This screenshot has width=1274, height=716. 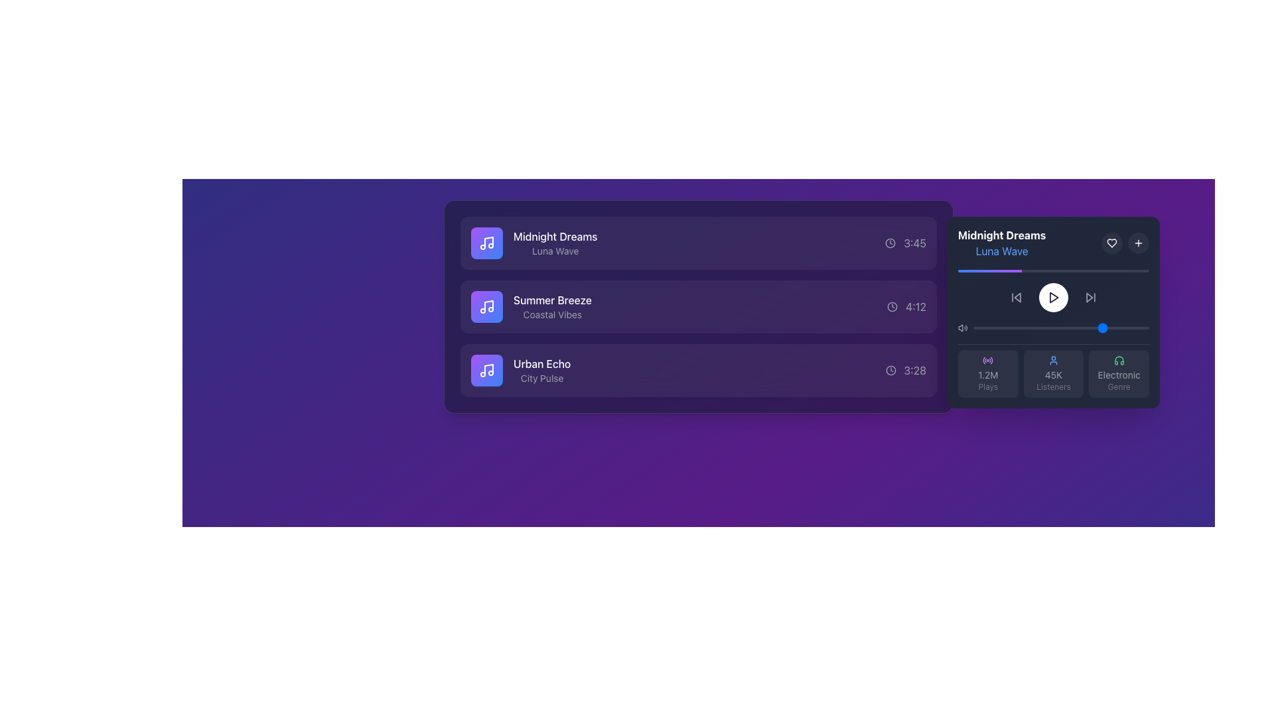 I want to click on the heart-shaped icon button in the top-right corner of the secondary panel to mark the current track as favorite, so click(x=1111, y=243).